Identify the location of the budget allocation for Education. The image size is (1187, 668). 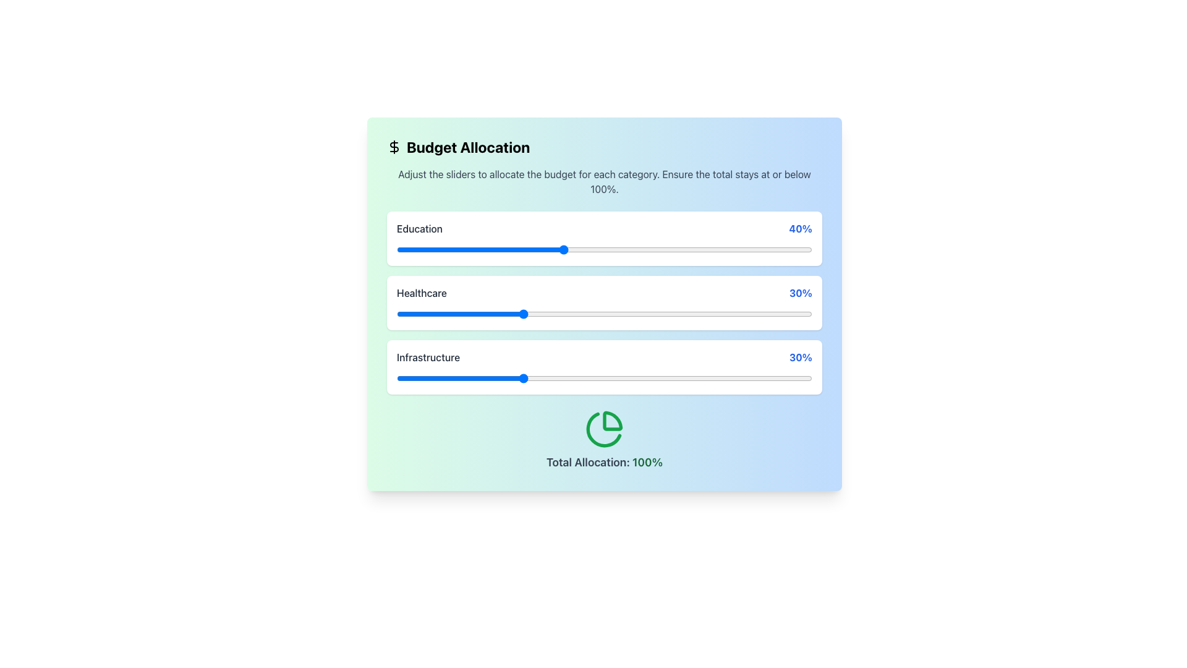
(712, 250).